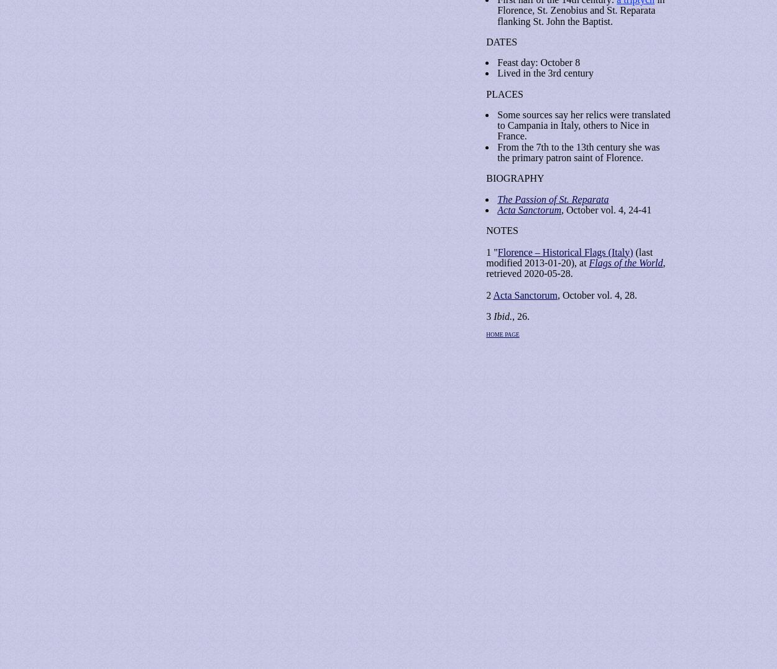  Describe the element at coordinates (486, 256) in the screenshot. I see `'(last modified 2013-01-20), at'` at that location.